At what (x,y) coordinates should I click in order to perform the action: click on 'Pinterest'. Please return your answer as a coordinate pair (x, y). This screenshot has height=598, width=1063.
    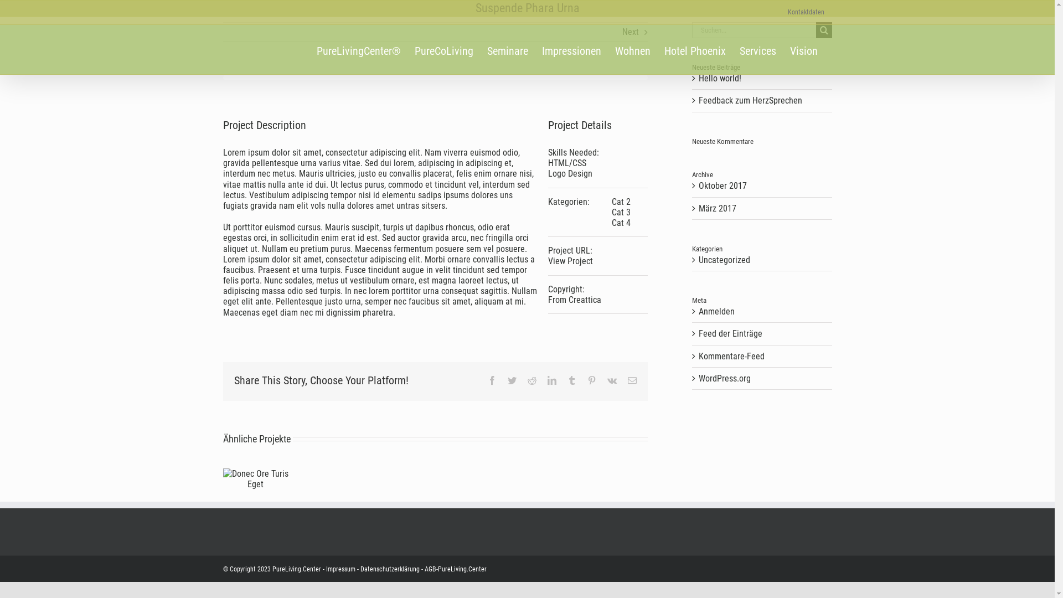
    Looking at the image, I should click on (591, 379).